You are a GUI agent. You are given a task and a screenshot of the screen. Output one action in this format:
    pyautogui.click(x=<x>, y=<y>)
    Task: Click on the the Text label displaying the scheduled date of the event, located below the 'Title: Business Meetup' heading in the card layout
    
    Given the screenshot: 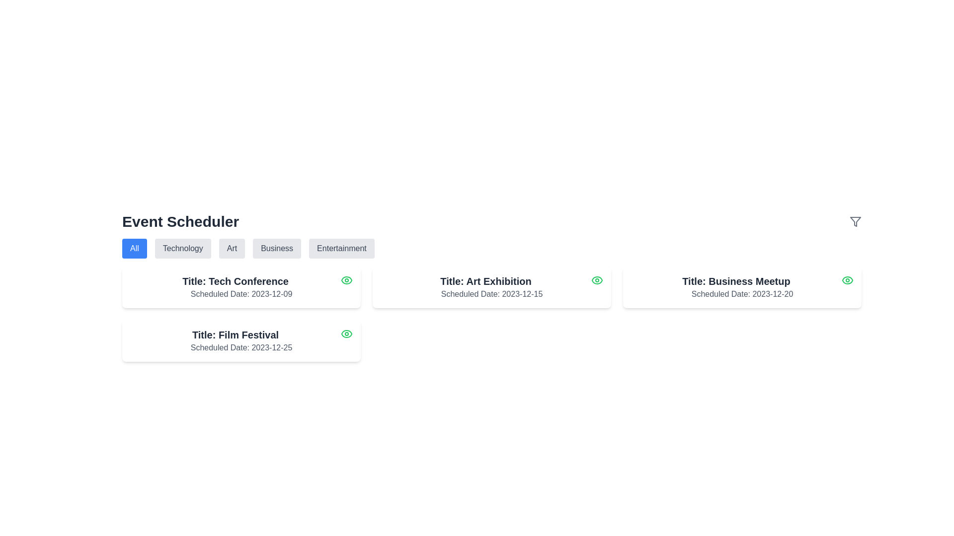 What is the action you would take?
    pyautogui.click(x=742, y=294)
    